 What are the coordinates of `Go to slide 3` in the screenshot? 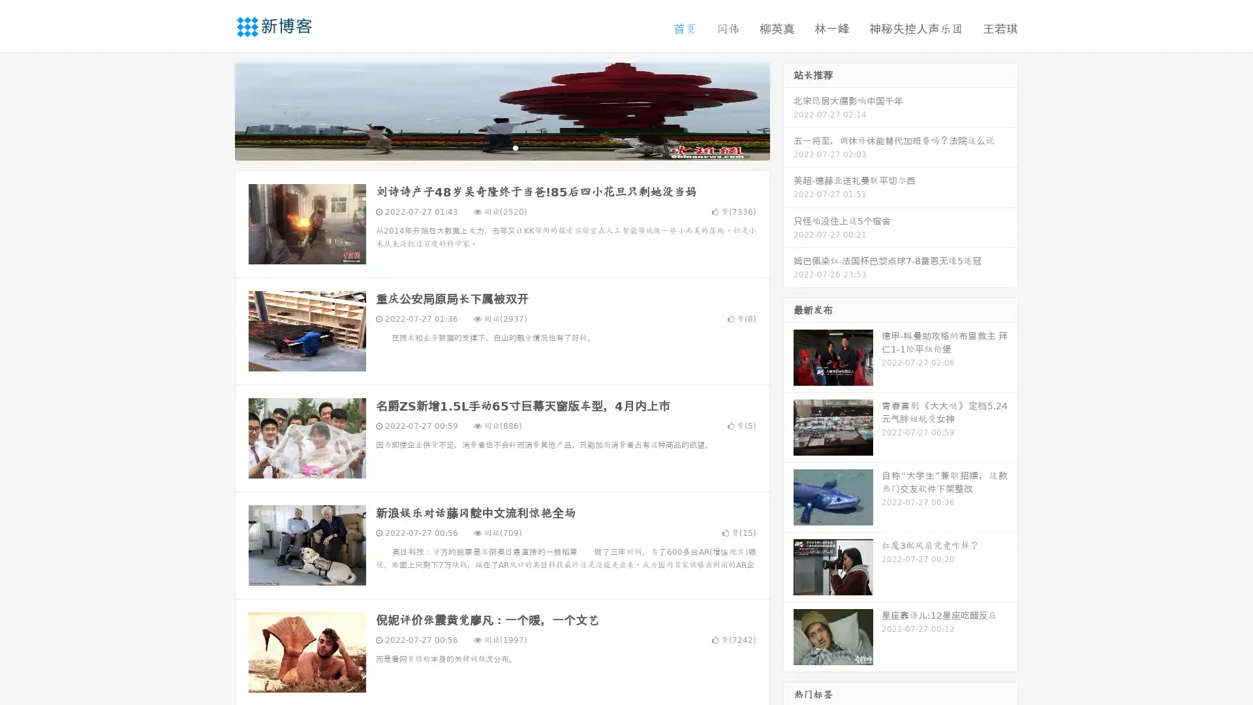 It's located at (515, 147).